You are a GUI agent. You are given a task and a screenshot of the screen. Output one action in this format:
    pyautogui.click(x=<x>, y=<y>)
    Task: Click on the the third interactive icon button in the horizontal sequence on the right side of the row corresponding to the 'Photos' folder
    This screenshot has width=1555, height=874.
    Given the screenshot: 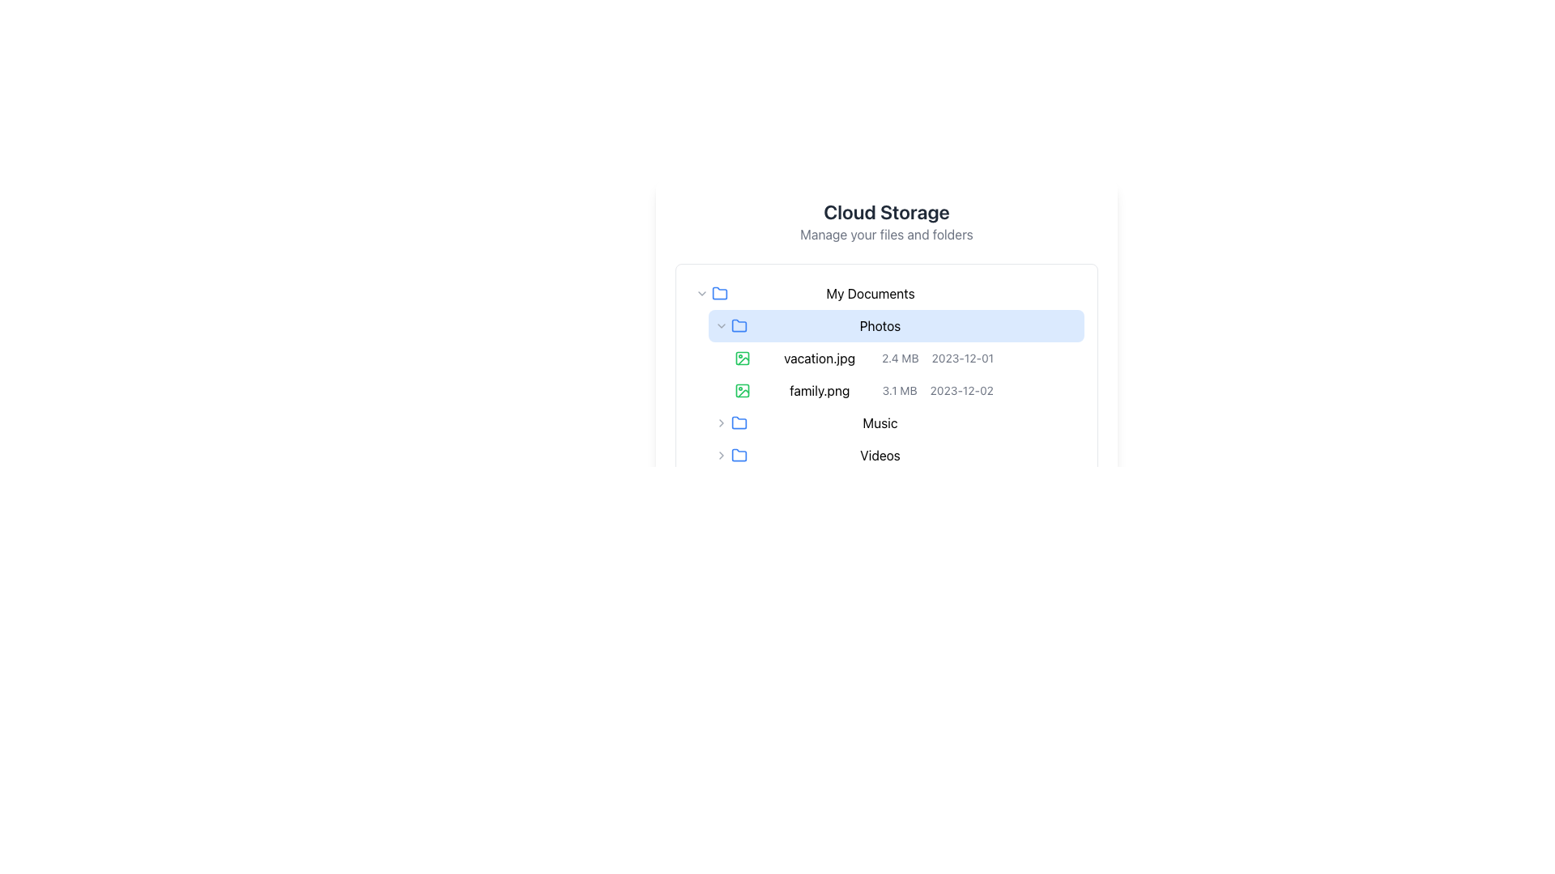 What is the action you would take?
    pyautogui.click(x=1032, y=325)
    